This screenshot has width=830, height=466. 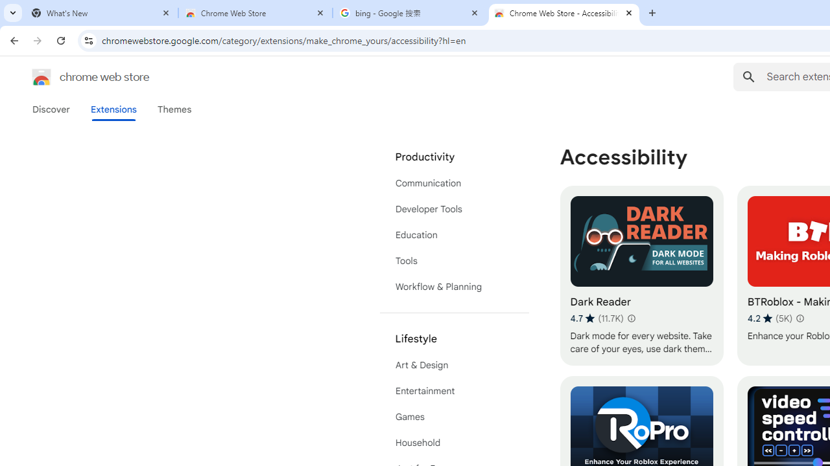 What do you see at coordinates (596, 318) in the screenshot?
I see `'Average rating 4.7 out of 5 stars. 11.7K ratings.'` at bounding box center [596, 318].